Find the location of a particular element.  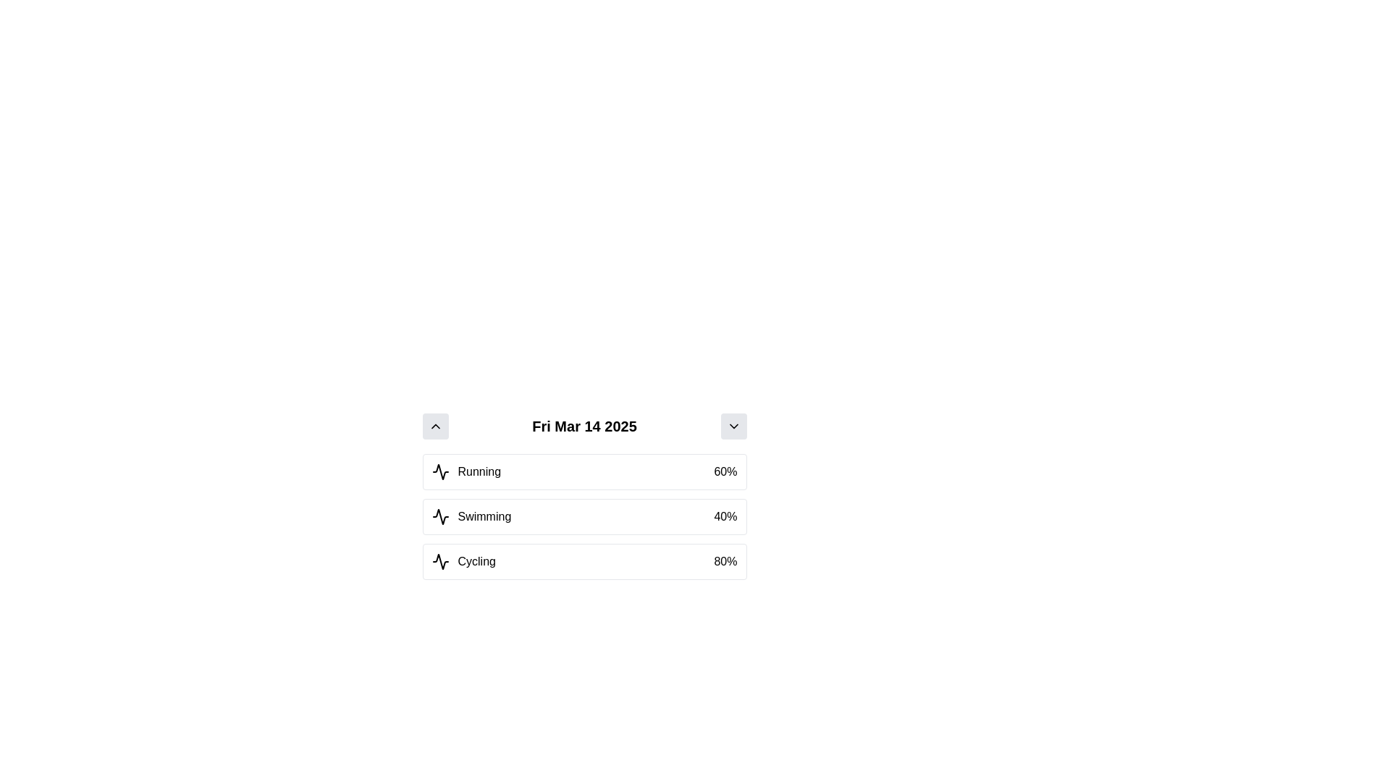

the text label reading 'Cycling', which is the third item in the list below the date header 'Fri Mar 14 2025', positioned between 'Swimming' and the percentage indicator '80%' is located at coordinates (463, 560).